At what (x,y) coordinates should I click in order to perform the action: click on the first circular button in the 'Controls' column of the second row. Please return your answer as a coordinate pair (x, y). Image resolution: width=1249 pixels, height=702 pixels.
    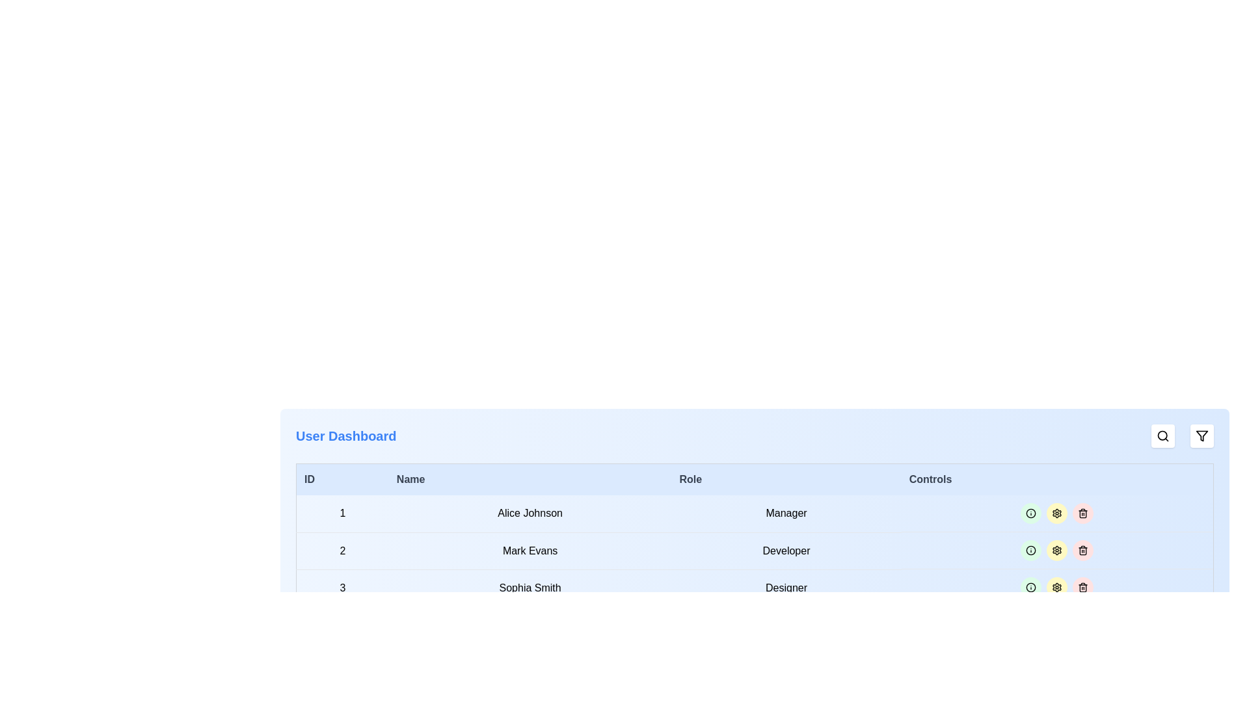
    Looking at the image, I should click on (1030, 551).